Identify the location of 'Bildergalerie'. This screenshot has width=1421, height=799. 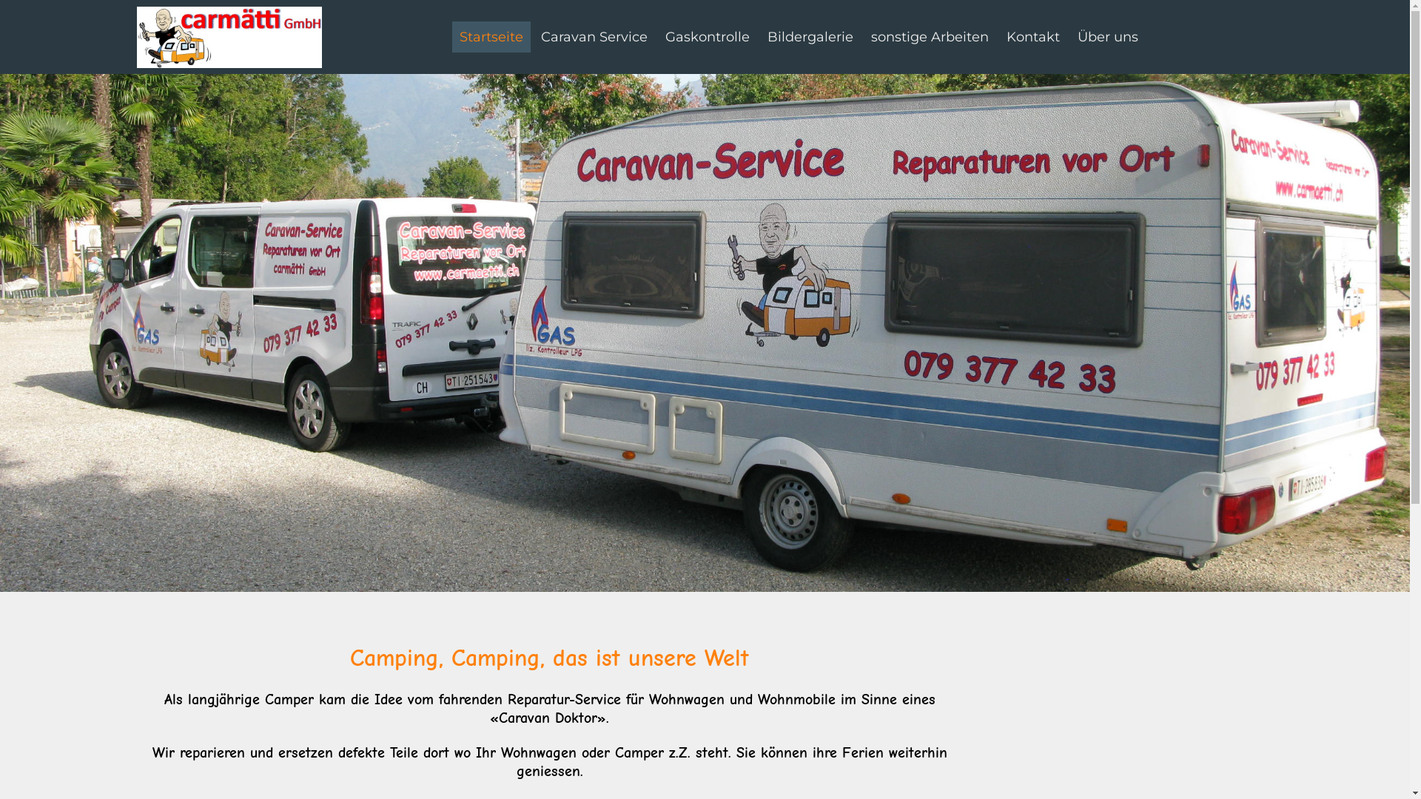
(809, 36).